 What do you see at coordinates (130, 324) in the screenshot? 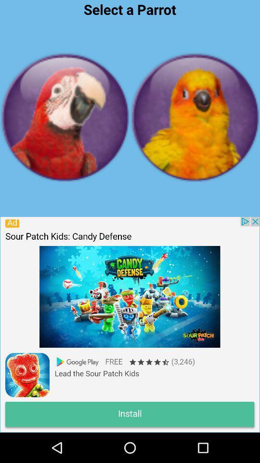
I see `advertisement page` at bounding box center [130, 324].